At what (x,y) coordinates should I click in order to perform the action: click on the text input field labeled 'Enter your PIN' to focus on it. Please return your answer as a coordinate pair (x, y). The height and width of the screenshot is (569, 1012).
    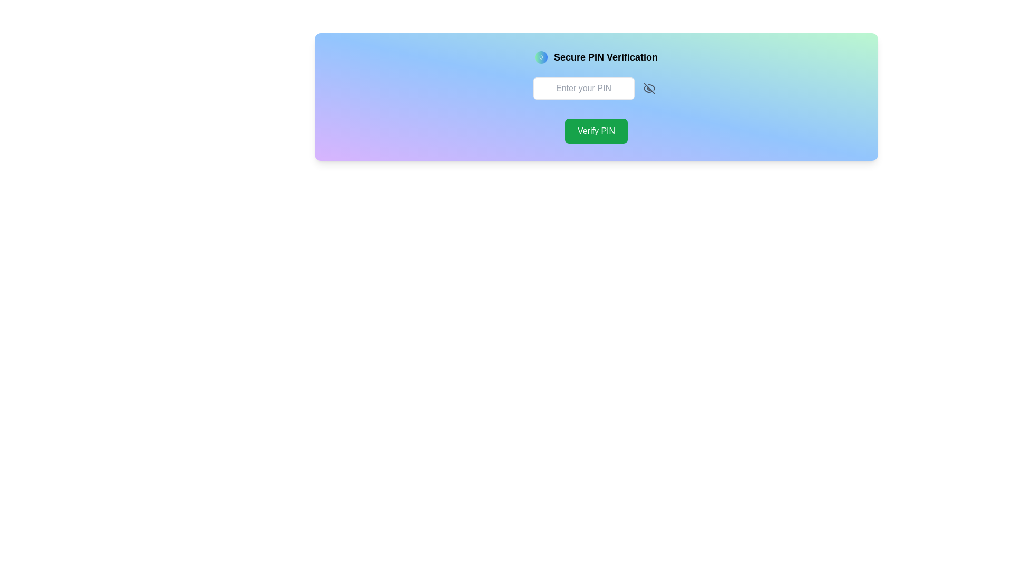
    Looking at the image, I should click on (583, 88).